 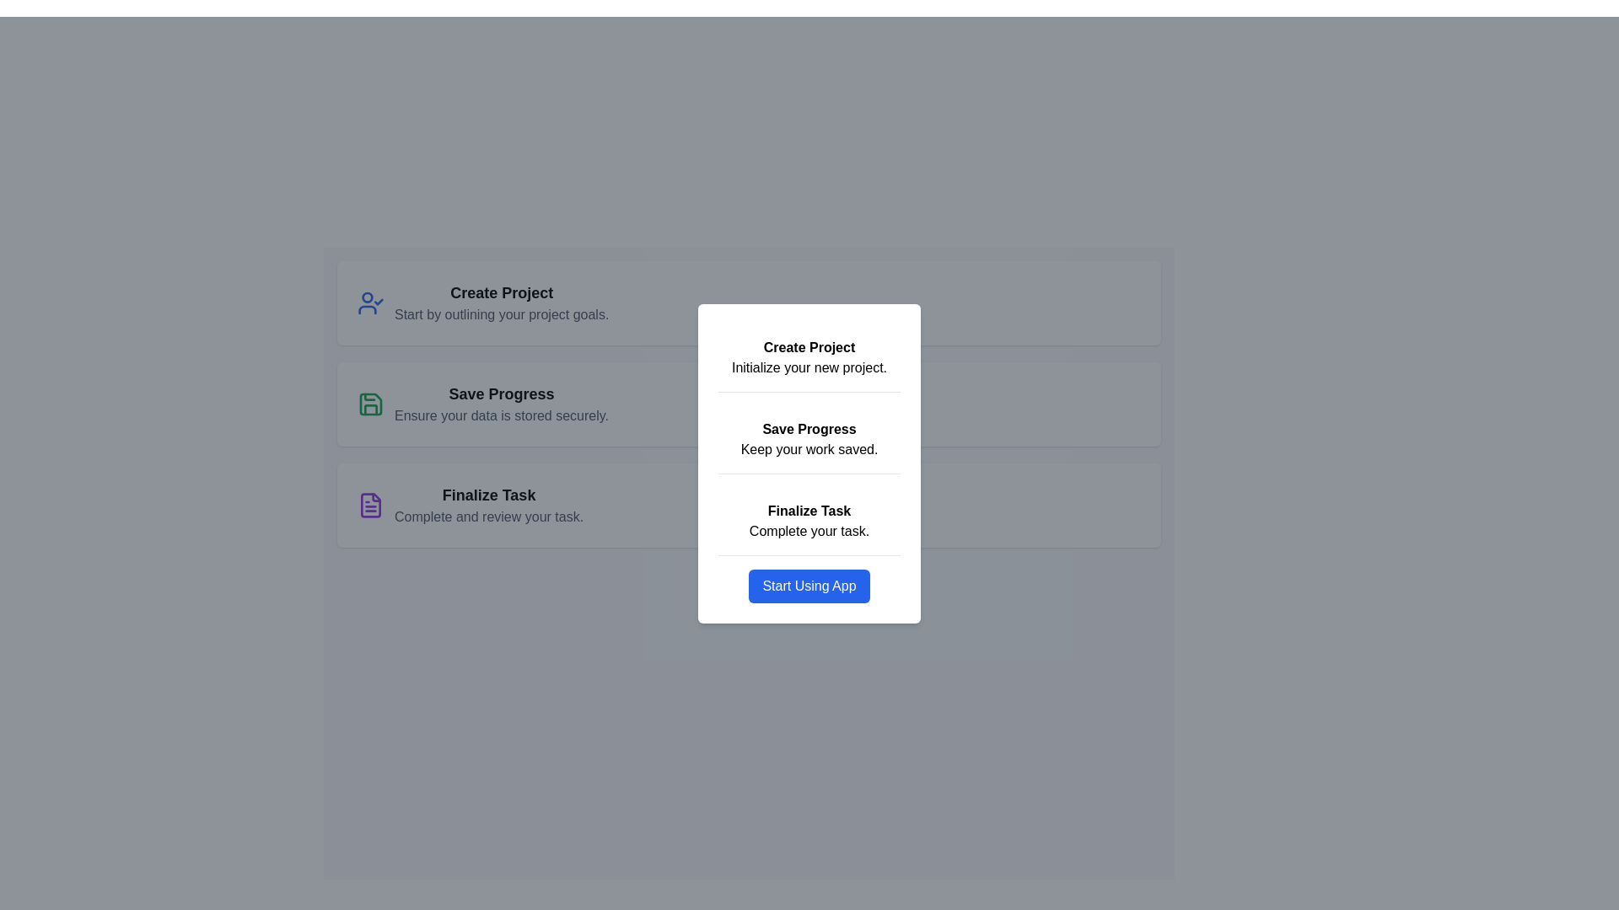 What do you see at coordinates (370, 302) in the screenshot?
I see `the 'Create Project' icon located in the topmost section of the options list, which visually aids the associated task` at bounding box center [370, 302].